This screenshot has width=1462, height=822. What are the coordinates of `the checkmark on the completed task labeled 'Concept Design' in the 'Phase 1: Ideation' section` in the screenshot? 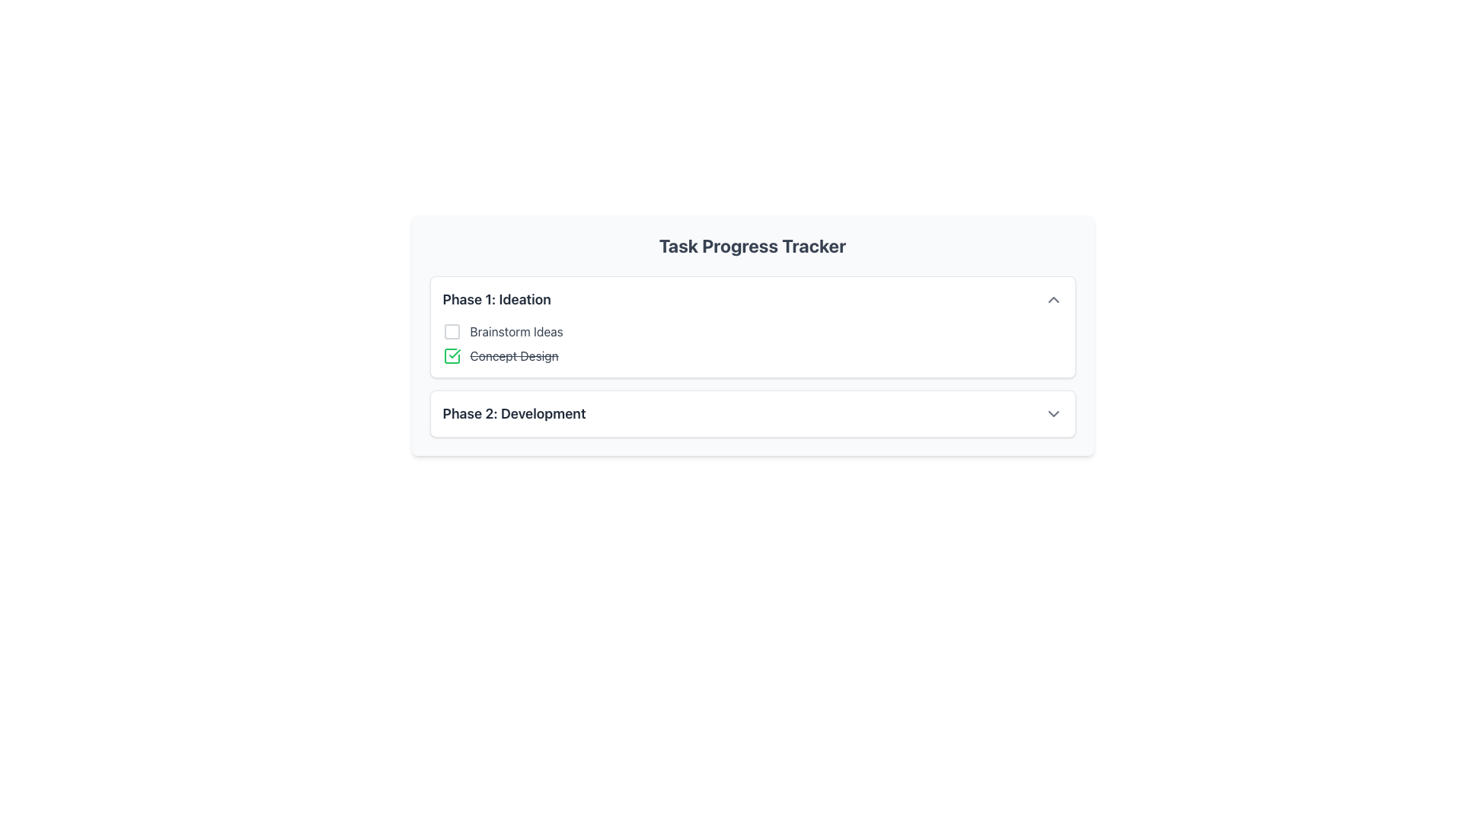 It's located at (752, 355).